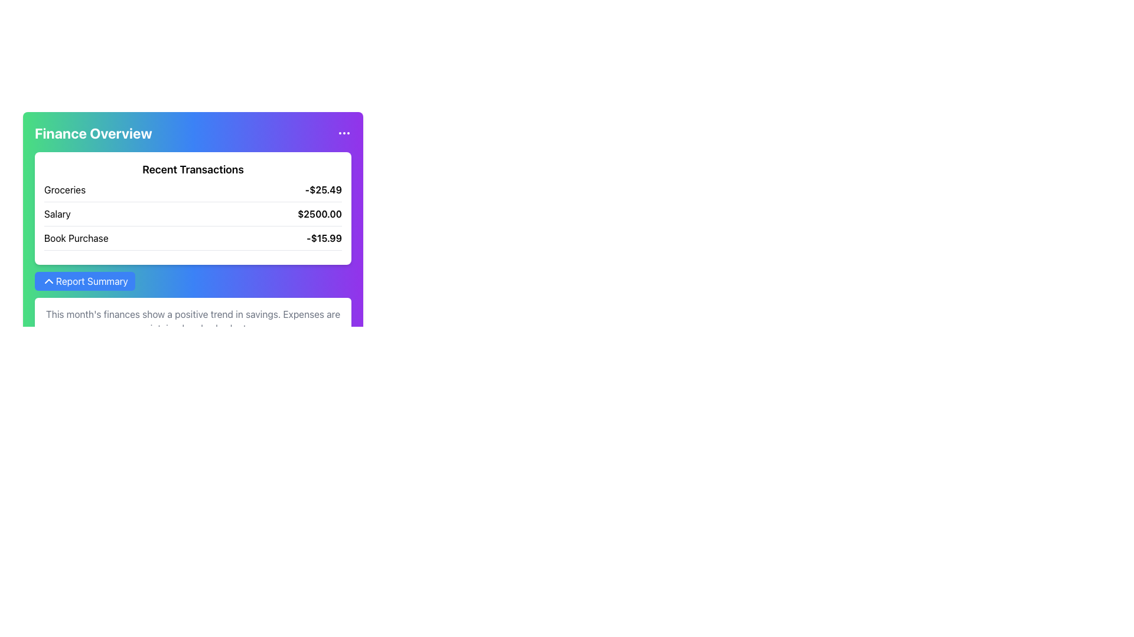 The height and width of the screenshot is (637, 1134). What do you see at coordinates (193, 216) in the screenshot?
I see `the salary amount '$2500.00' in the second transaction item of the list for further action options` at bounding box center [193, 216].